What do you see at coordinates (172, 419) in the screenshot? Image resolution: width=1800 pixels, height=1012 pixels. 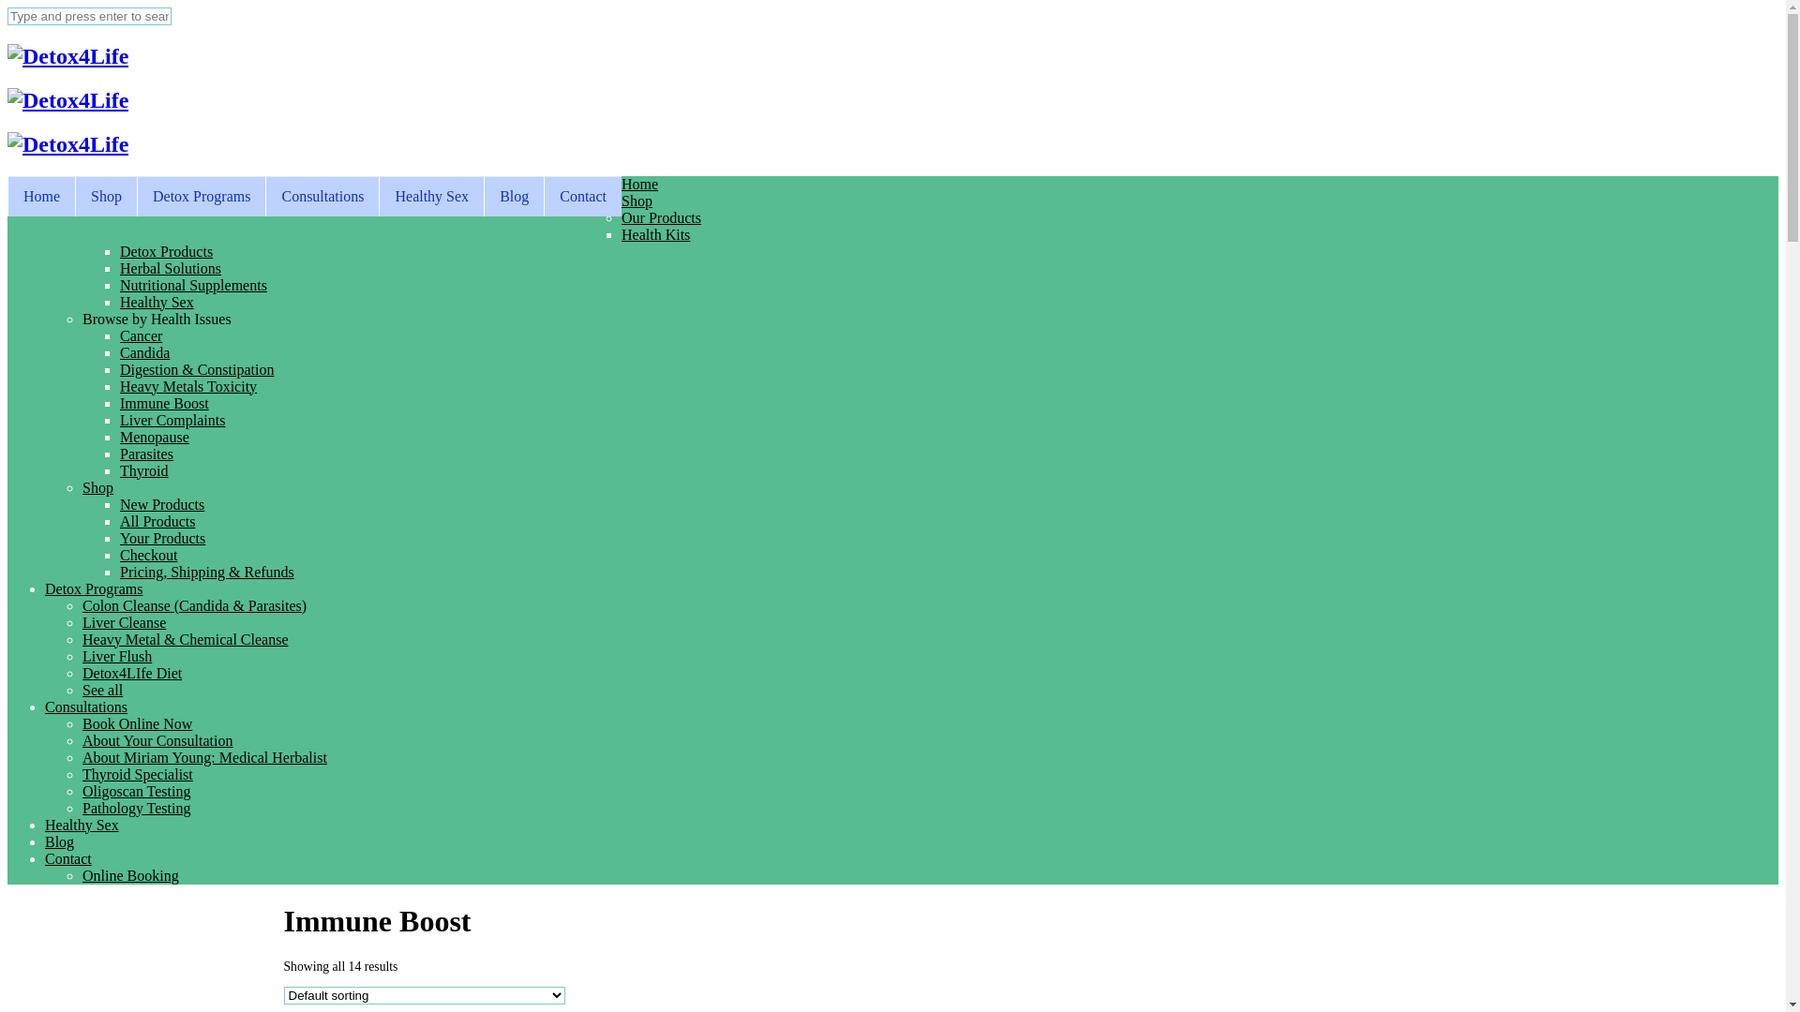 I see `'Liver Complaints'` at bounding box center [172, 419].